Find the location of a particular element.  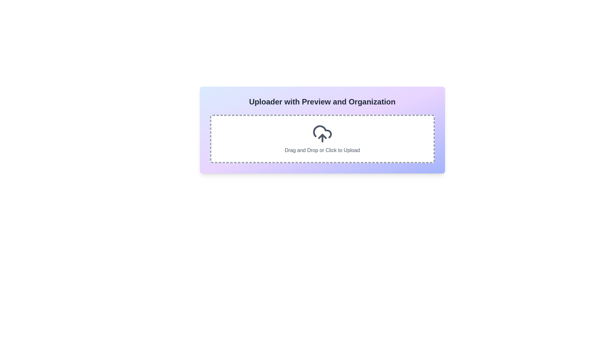

the cloud icon with an upward-pointing arrow, which is prominently displayed in the upload component labeled 'Drag and Drop or Click to Upload' is located at coordinates (322, 134).